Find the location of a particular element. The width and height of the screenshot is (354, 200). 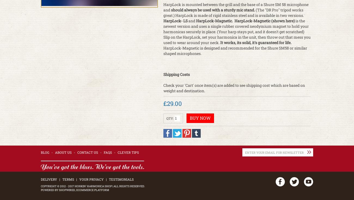

'always' is located at coordinates (190, 10).